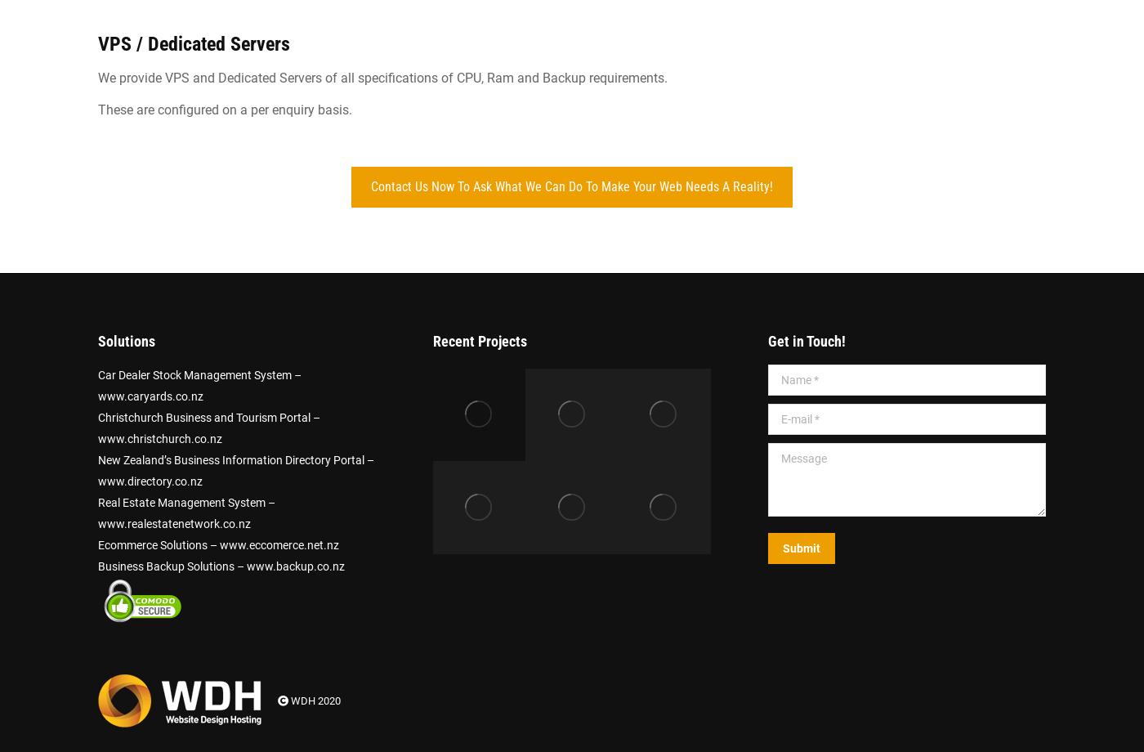 This screenshot has height=752, width=1144. What do you see at coordinates (194, 44) in the screenshot?
I see `'VPS / Dedicated Servers'` at bounding box center [194, 44].